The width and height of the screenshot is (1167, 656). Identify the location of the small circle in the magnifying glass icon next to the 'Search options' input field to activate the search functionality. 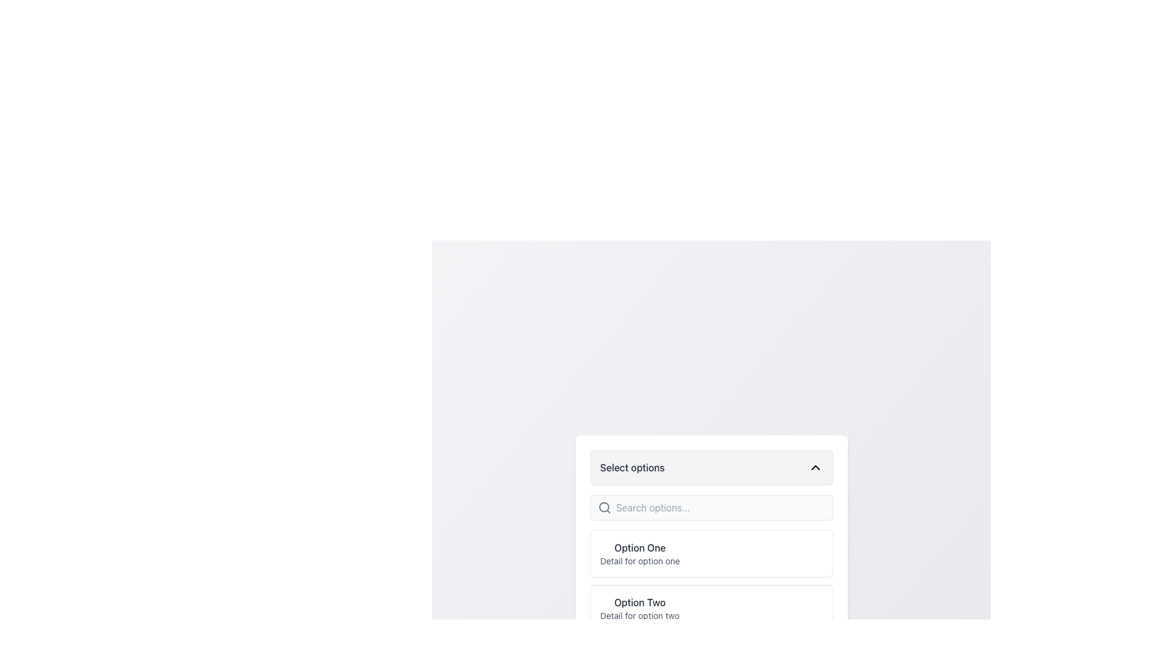
(604, 507).